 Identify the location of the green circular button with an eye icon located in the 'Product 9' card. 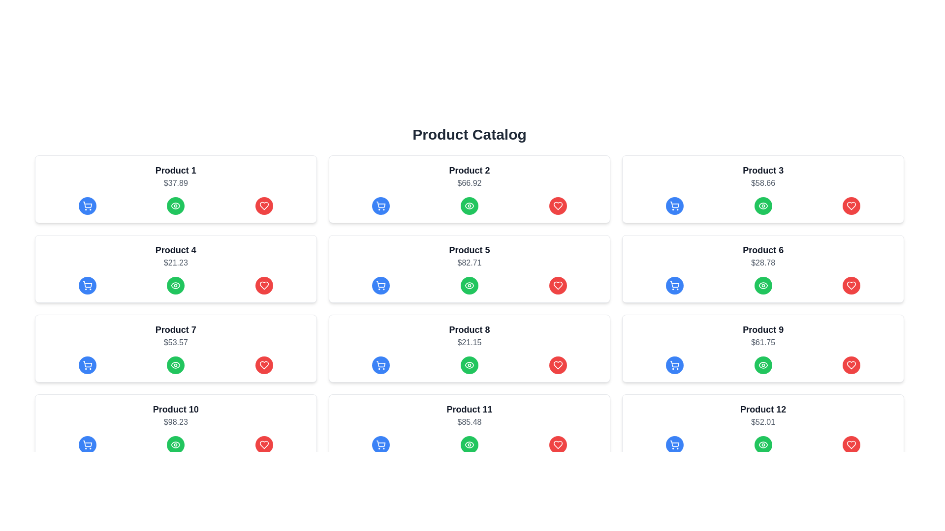
(762, 365).